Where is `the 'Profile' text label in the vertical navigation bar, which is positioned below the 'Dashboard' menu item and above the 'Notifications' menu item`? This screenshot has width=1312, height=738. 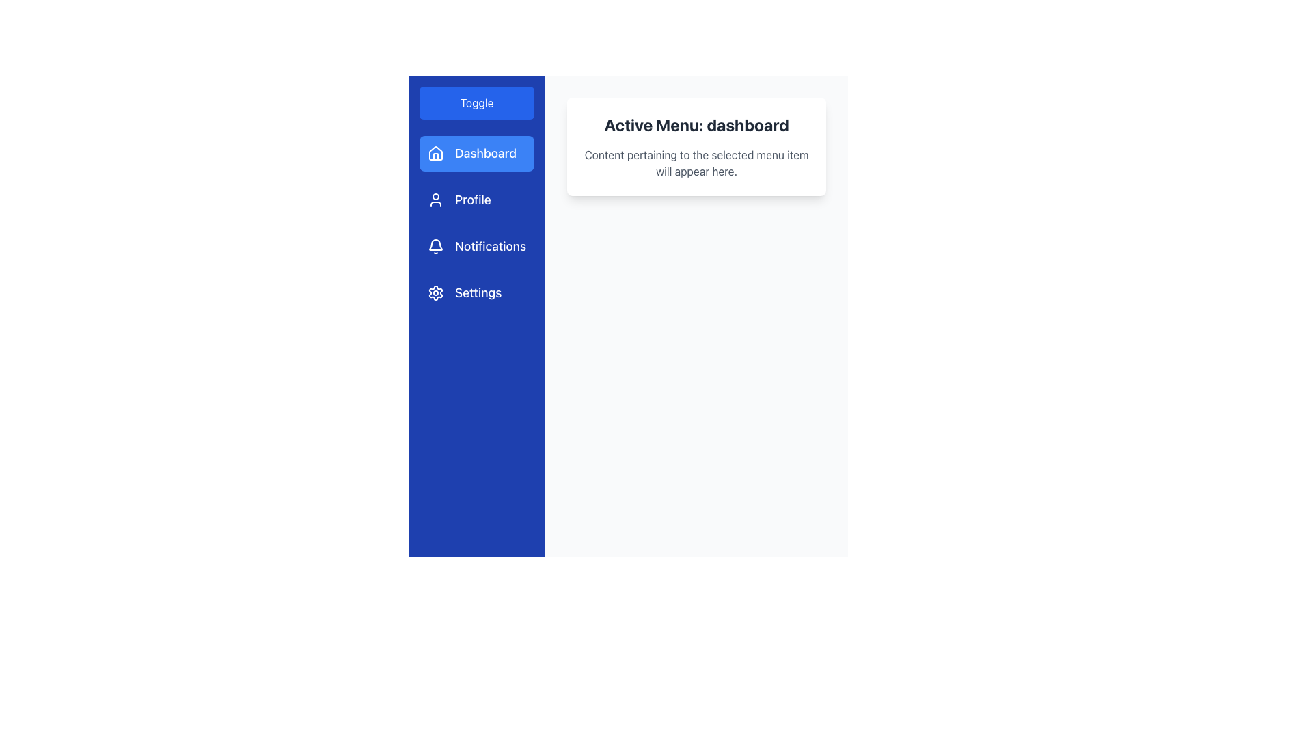
the 'Profile' text label in the vertical navigation bar, which is positioned below the 'Dashboard' menu item and above the 'Notifications' menu item is located at coordinates (473, 200).